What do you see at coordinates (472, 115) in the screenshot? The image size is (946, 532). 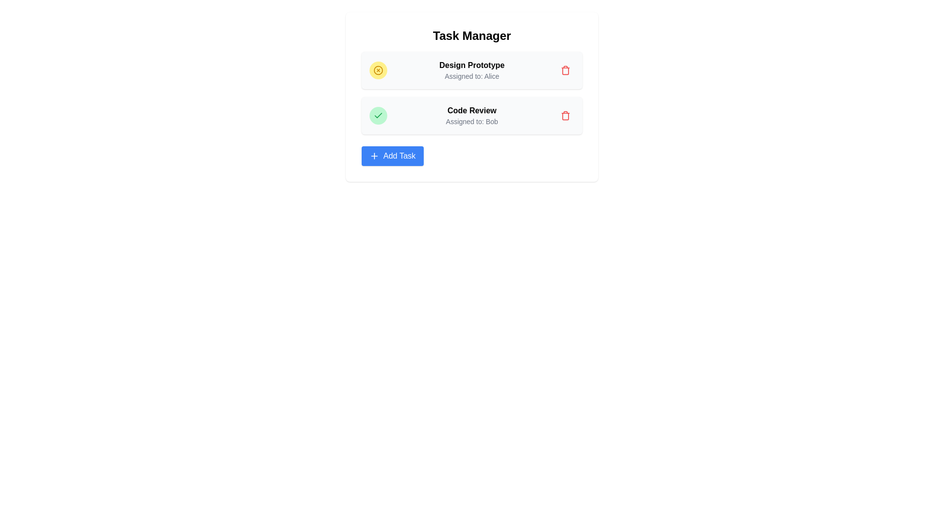 I see `the text-based informational display element labeled 'Code Review' with the assignee information 'Assigned to: Bob', located centrally within a task item in the Task Manager` at bounding box center [472, 115].